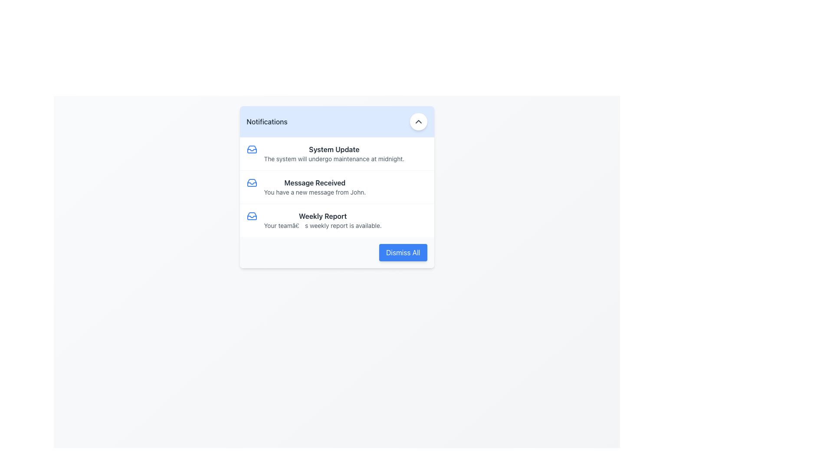 This screenshot has height=468, width=833. Describe the element at coordinates (336, 153) in the screenshot. I see `the notification message indicating an upcoming system update scheduled for midnight, which is the first entry in the notifications list under the header 'Notifications.'` at that location.